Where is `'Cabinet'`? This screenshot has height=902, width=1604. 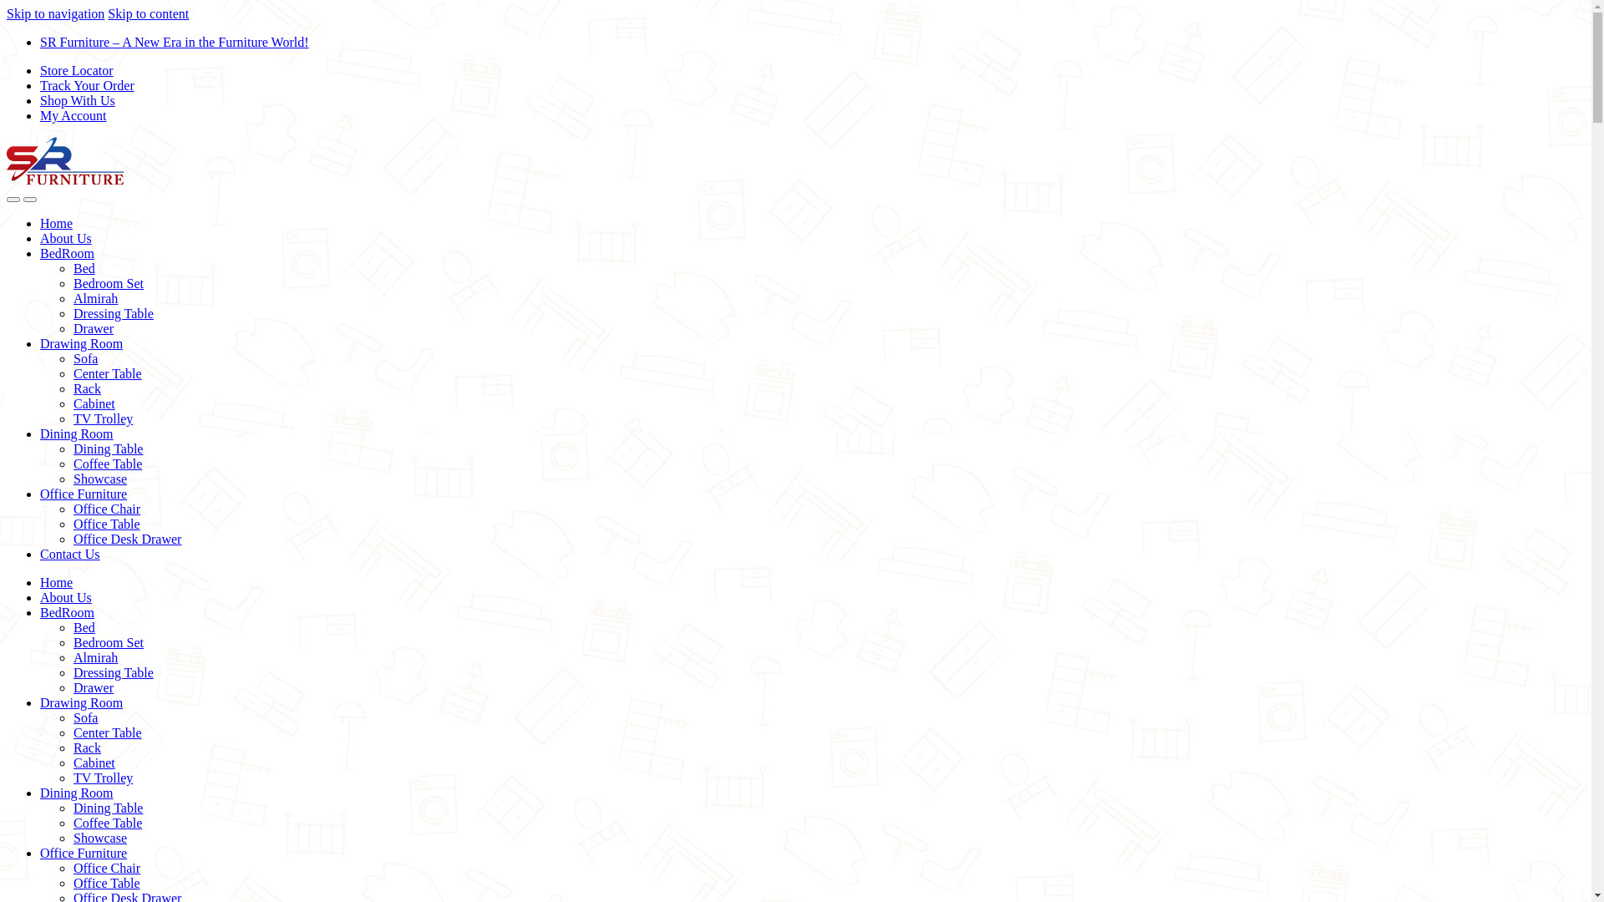
'Cabinet' is located at coordinates (72, 403).